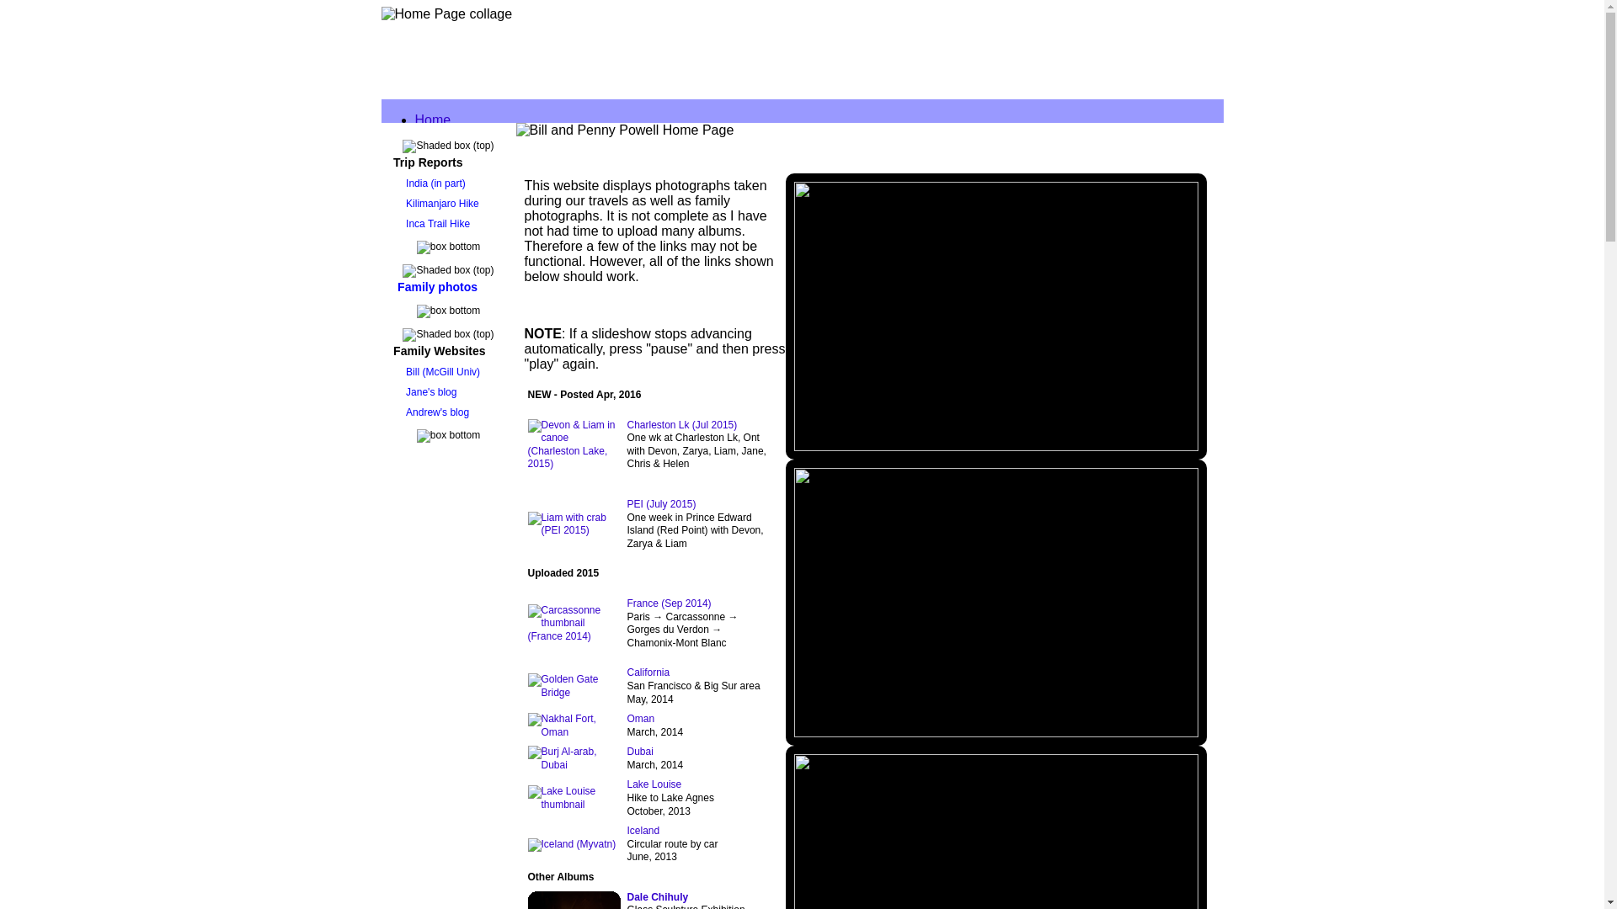  Describe the element at coordinates (626, 751) in the screenshot. I see `'Dubai'` at that location.